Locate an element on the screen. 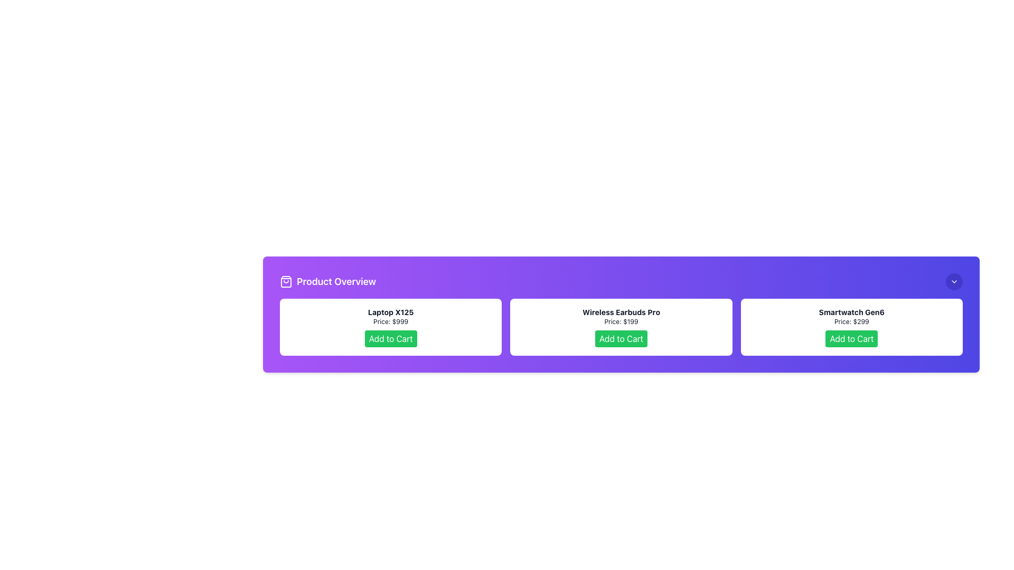 This screenshot has height=570, width=1014. the 'Add to Cart' button for the product 'Smartwatch Gen6' is located at coordinates (851, 338).